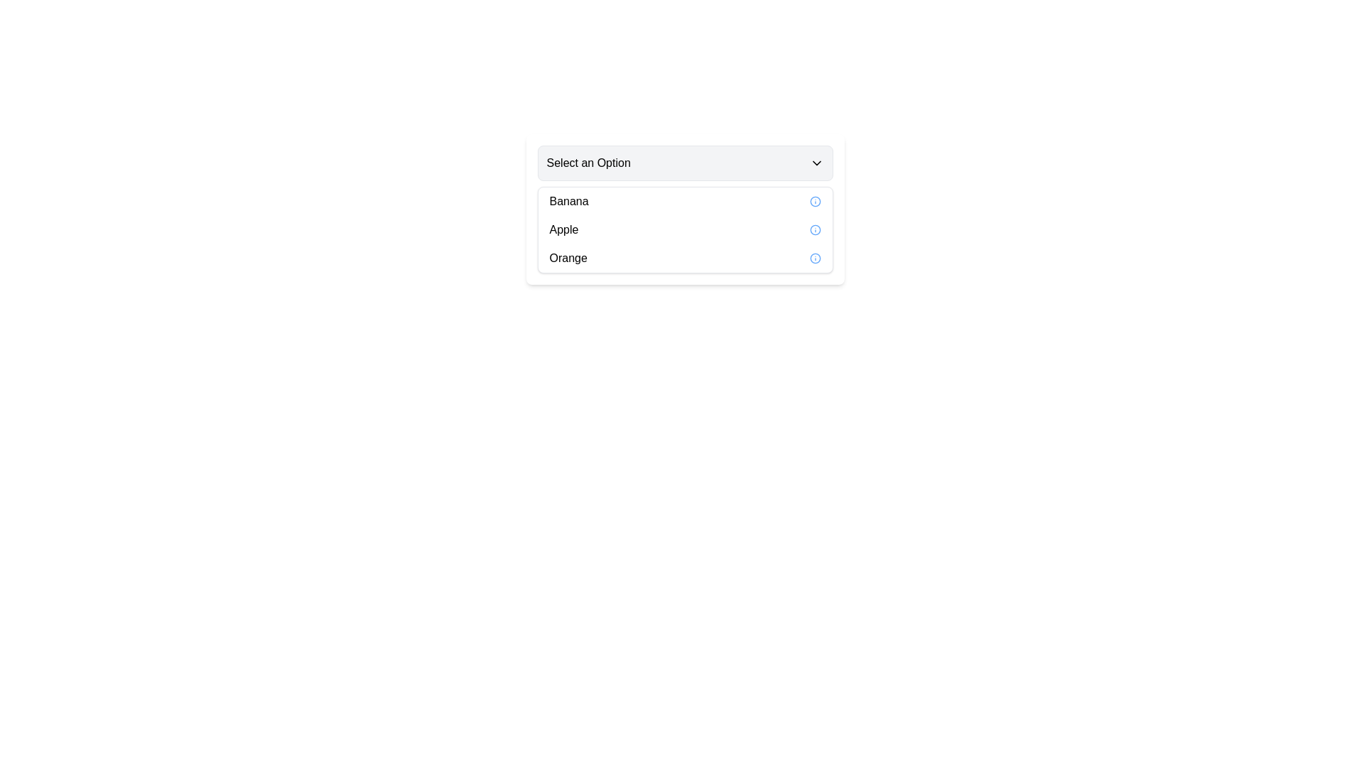 Image resolution: width=1364 pixels, height=767 pixels. Describe the element at coordinates (815, 229) in the screenshot. I see `the information/help icon located to the far right of the 'Apple' text entry in the dropdown menu` at that location.